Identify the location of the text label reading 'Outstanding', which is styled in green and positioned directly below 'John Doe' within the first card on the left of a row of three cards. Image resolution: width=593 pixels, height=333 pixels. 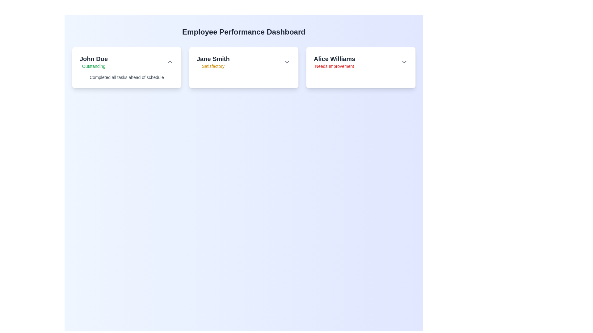
(93, 66).